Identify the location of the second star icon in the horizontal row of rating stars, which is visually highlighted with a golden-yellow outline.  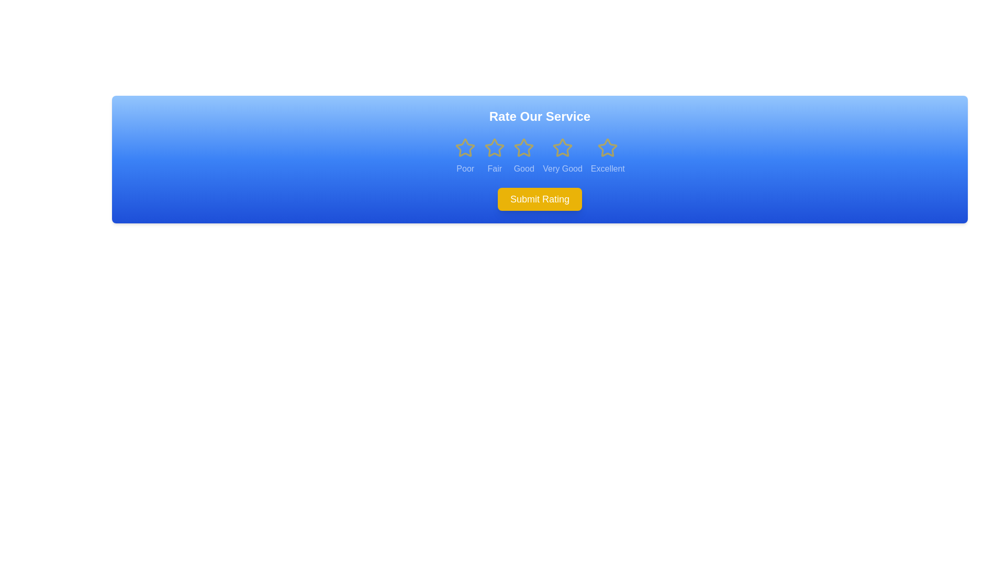
(494, 148).